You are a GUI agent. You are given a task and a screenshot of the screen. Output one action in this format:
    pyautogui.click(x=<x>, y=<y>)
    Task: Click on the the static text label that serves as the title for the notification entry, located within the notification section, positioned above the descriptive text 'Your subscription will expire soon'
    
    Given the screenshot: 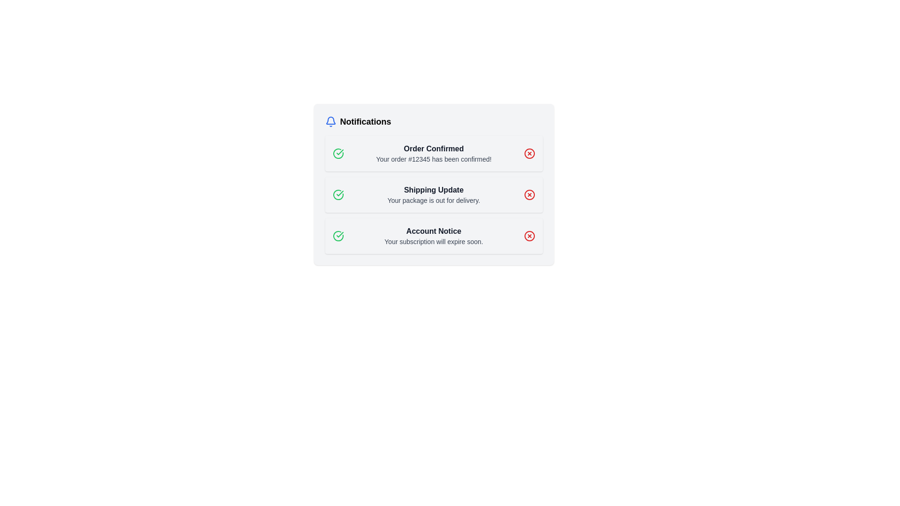 What is the action you would take?
    pyautogui.click(x=433, y=231)
    